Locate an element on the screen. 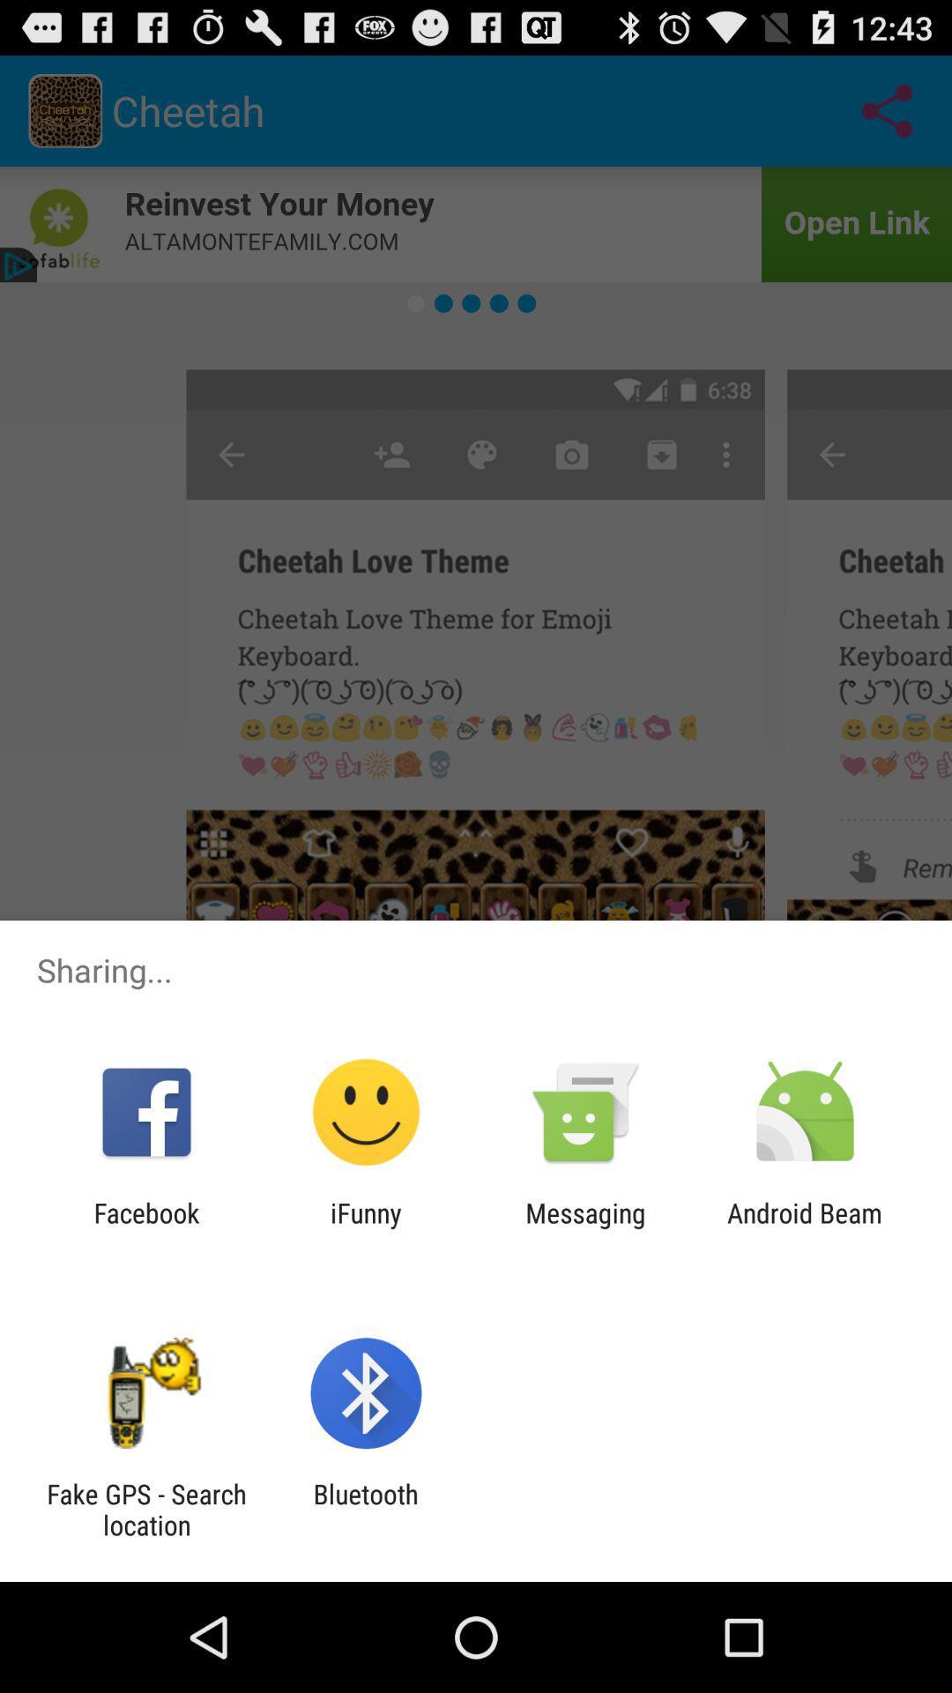 The width and height of the screenshot is (952, 1693). icon next to messaging item is located at coordinates (365, 1227).